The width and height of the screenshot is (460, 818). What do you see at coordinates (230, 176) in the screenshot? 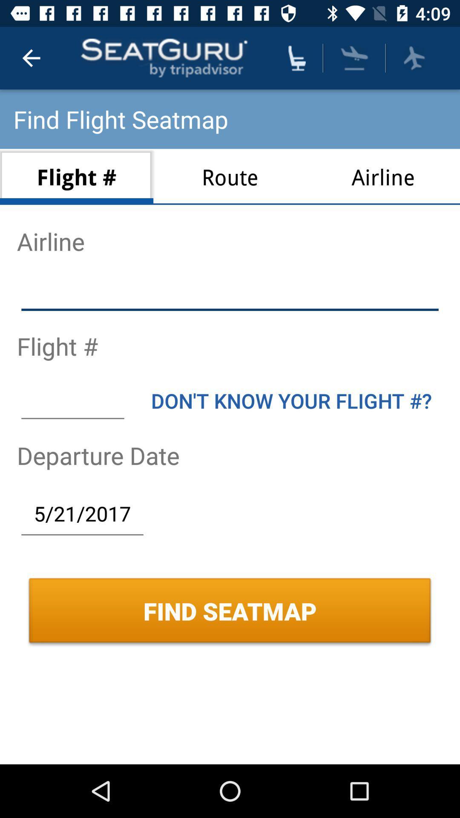
I see `item to the right of flight # item` at bounding box center [230, 176].